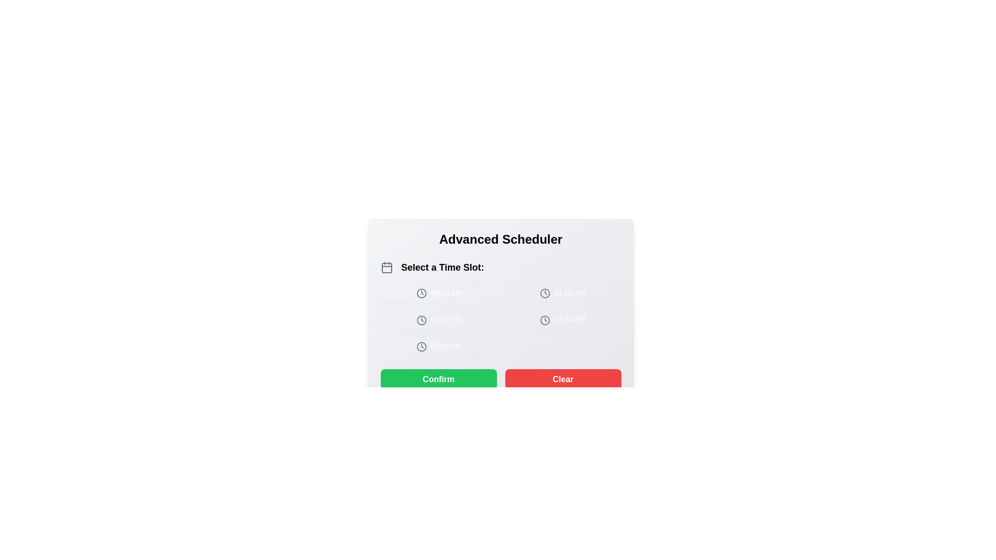 The width and height of the screenshot is (996, 560). Describe the element at coordinates (421, 319) in the screenshot. I see `the circular decorative element of the SVG clock drawing, which features a minimalist design and is located in the second row, first column of the grid layout under 'Select a Time Slot'` at that location.